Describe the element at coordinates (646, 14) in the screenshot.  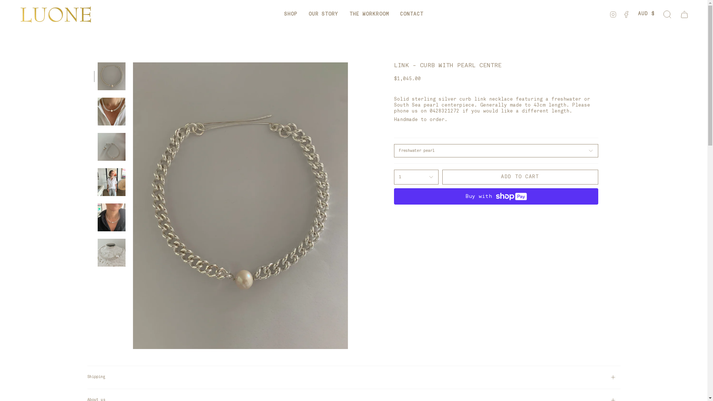
I see `'AUD $'` at that location.